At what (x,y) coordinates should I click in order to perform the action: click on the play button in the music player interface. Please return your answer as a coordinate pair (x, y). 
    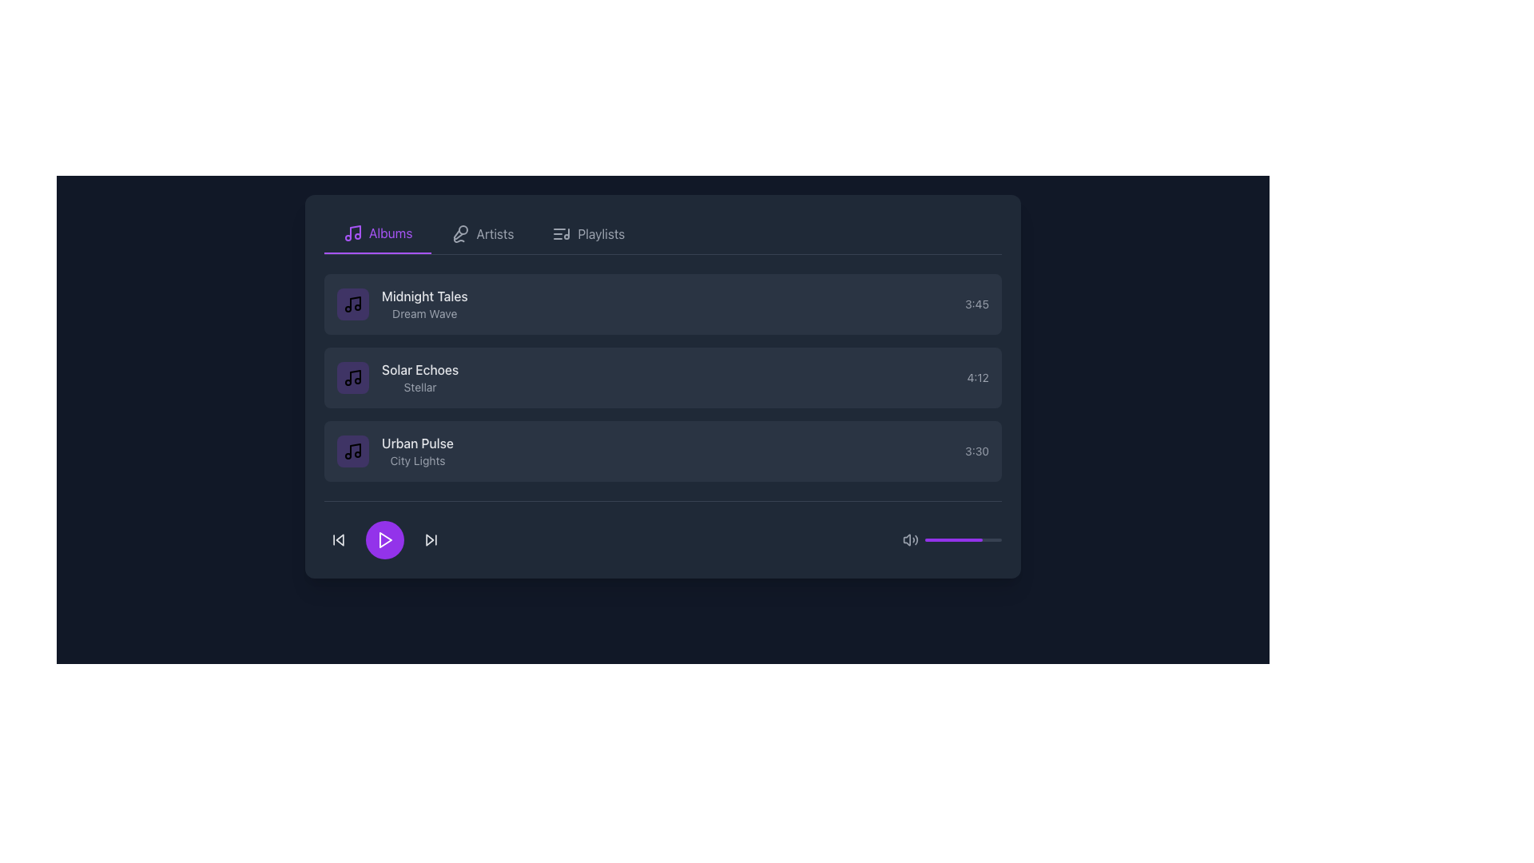
    Looking at the image, I should click on (384, 539).